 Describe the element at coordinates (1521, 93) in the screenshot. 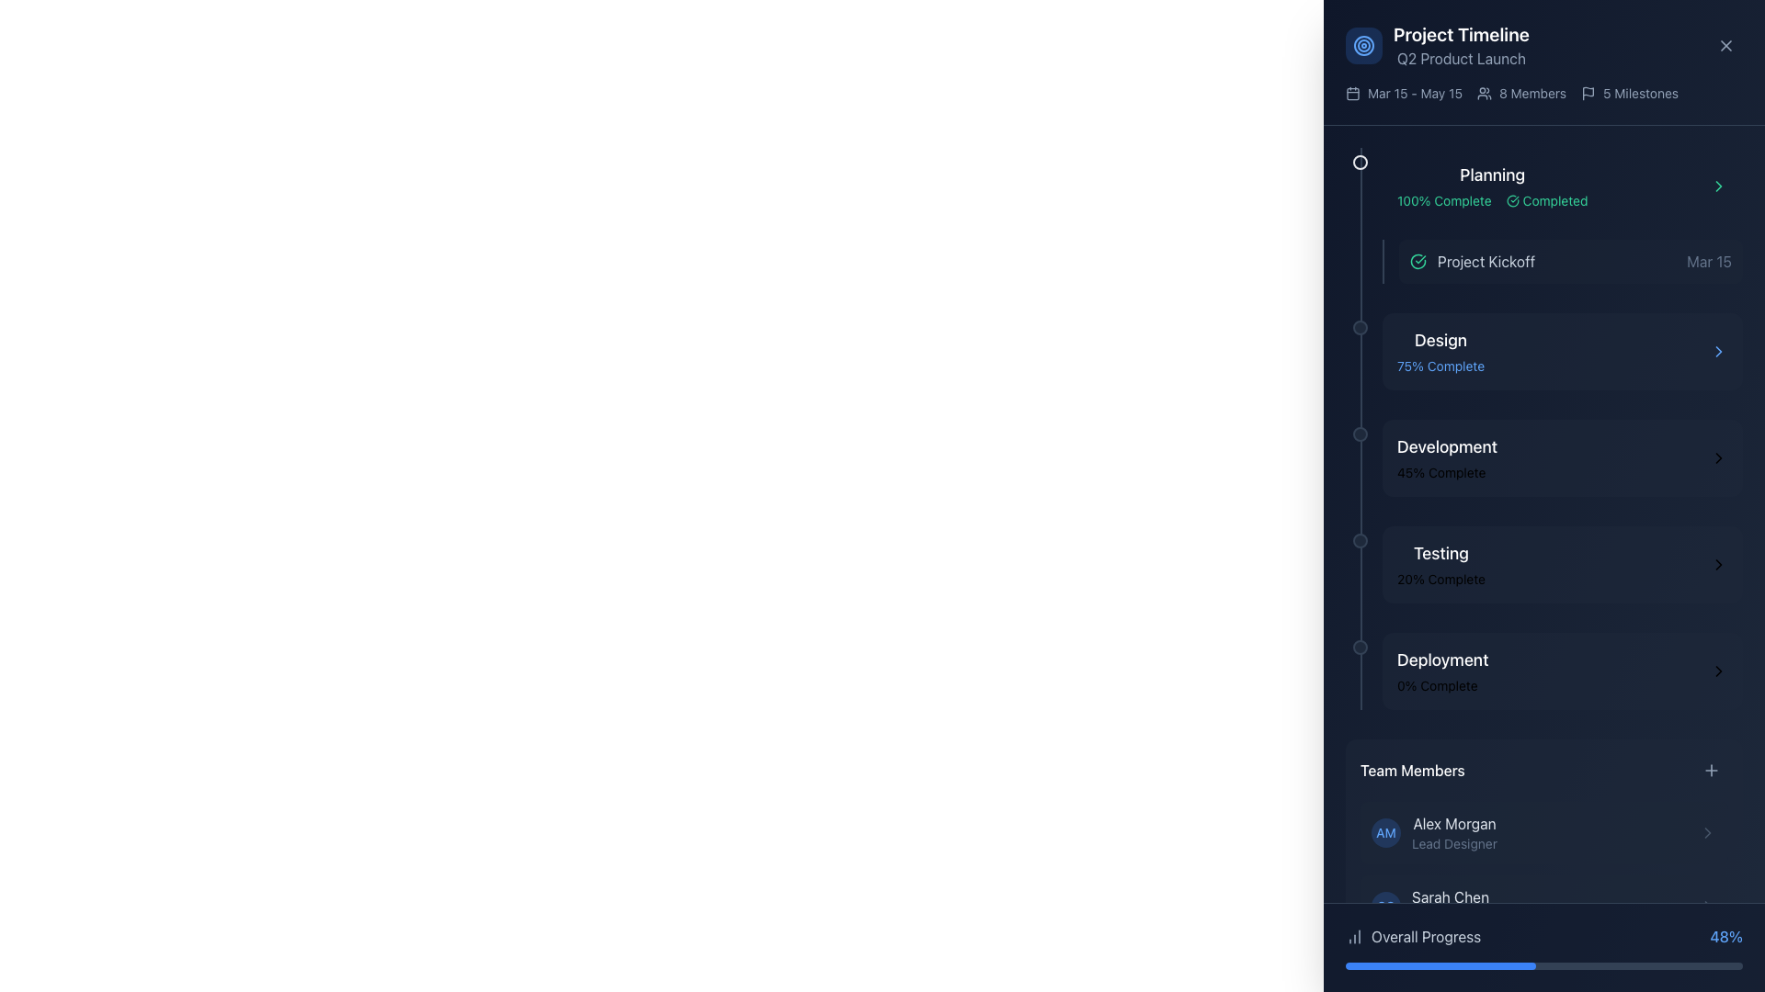

I see `the static informational label that displays '8 Members' located between 'Mar 15 - May 15' and '5 Milestones'` at that location.